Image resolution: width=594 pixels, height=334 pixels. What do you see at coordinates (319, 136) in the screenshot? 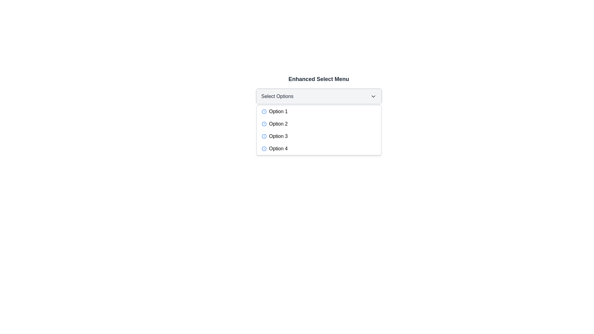
I see `the third option in the dropdown menu` at bounding box center [319, 136].